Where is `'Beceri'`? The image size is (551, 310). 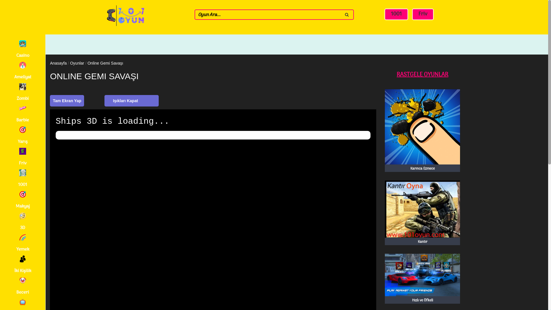
'Beceri' is located at coordinates (22, 286).